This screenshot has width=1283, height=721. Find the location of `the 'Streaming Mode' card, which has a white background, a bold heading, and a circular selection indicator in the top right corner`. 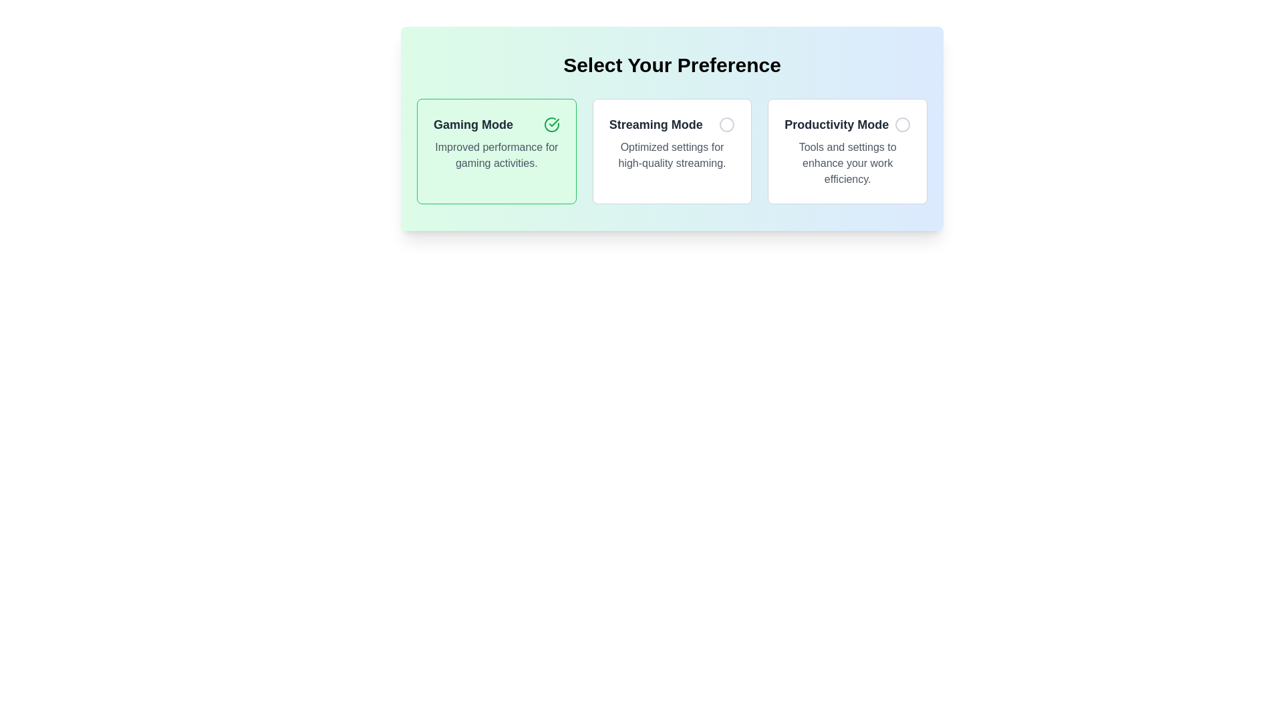

the 'Streaming Mode' card, which has a white background, a bold heading, and a circular selection indicator in the top right corner is located at coordinates (672, 151).